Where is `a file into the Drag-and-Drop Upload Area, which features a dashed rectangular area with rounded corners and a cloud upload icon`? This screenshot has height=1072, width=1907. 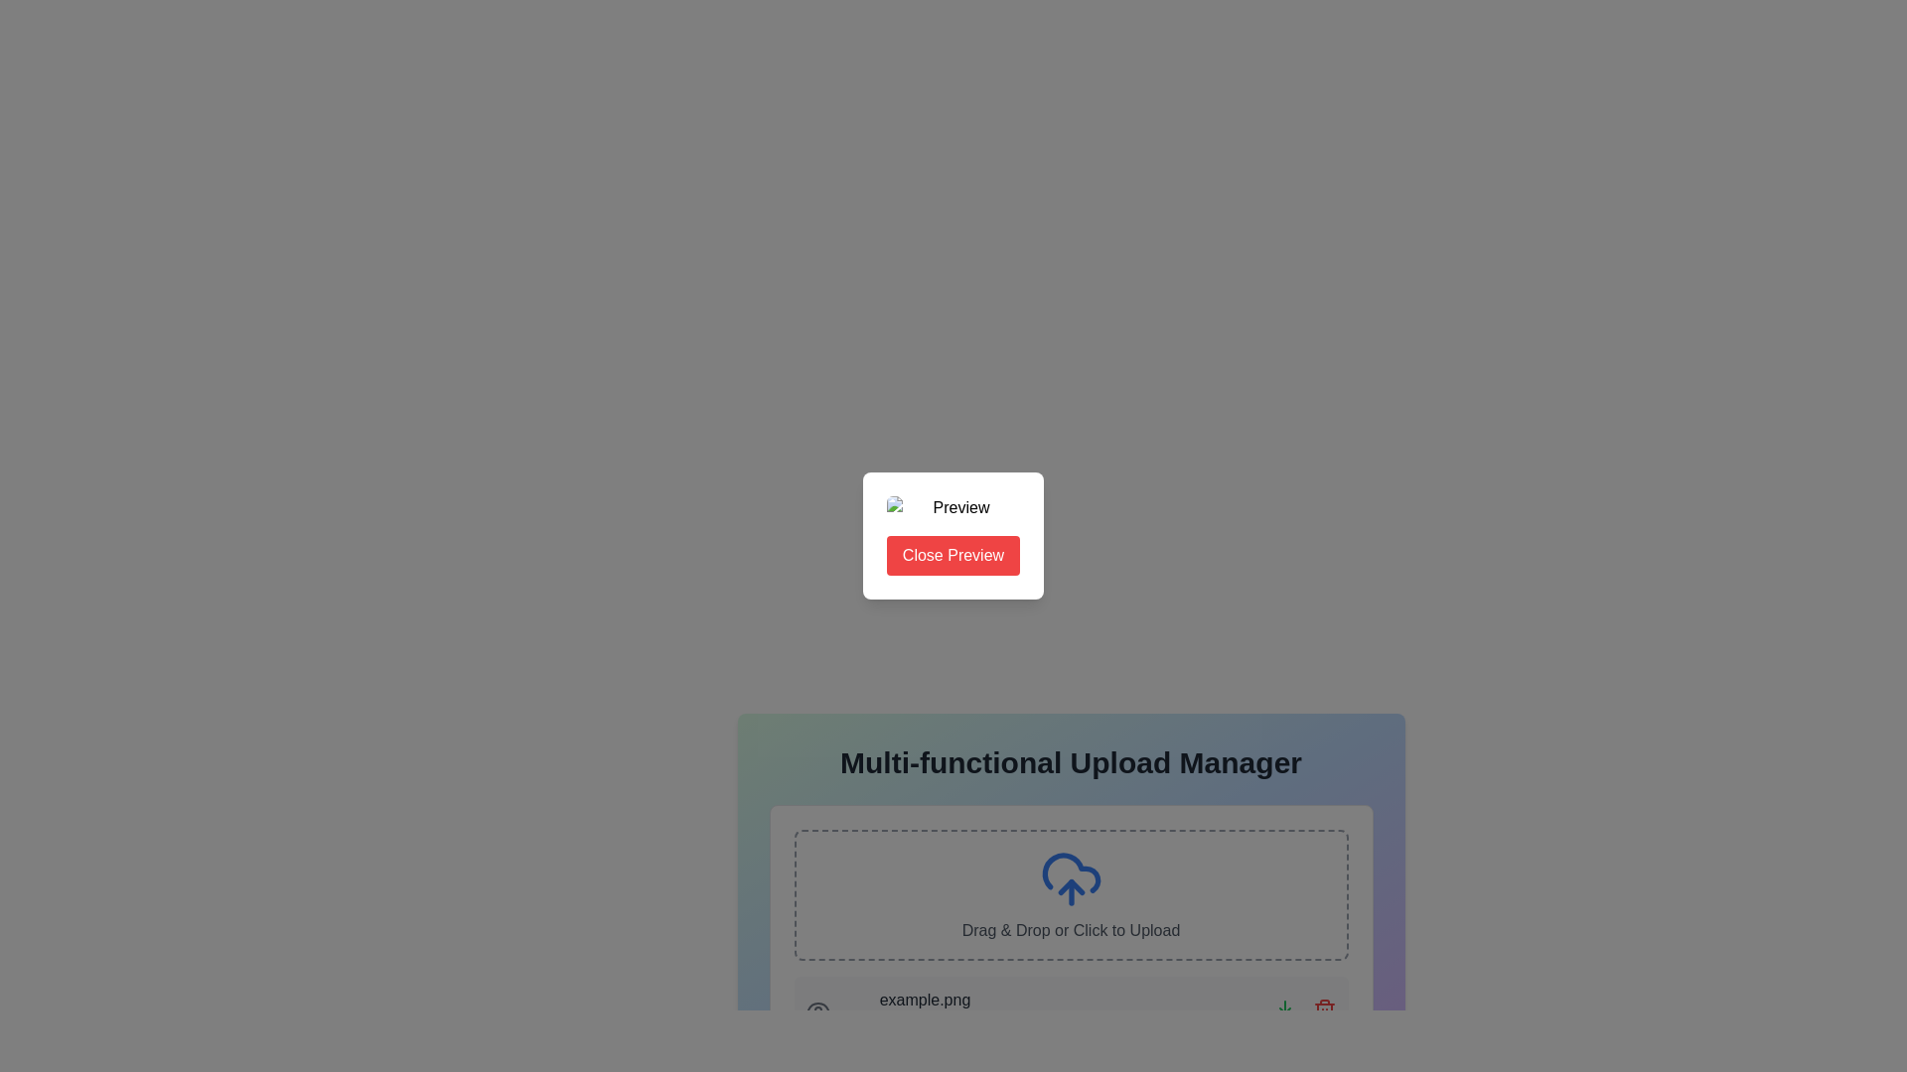 a file into the Drag-and-Drop Upload Area, which features a dashed rectangular area with rounded corners and a cloud upload icon is located at coordinates (1070, 895).